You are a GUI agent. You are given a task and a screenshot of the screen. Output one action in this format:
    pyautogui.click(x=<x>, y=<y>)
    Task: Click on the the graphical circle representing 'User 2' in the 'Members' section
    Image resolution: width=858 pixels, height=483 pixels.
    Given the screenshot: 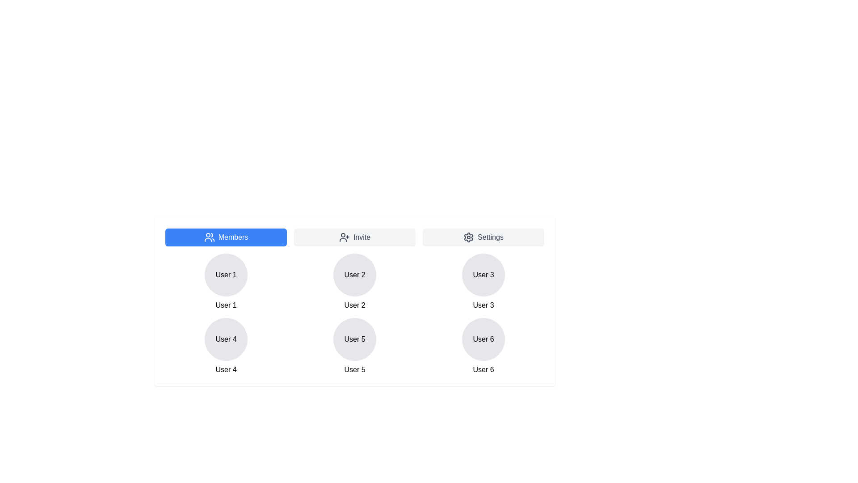 What is the action you would take?
    pyautogui.click(x=354, y=274)
    